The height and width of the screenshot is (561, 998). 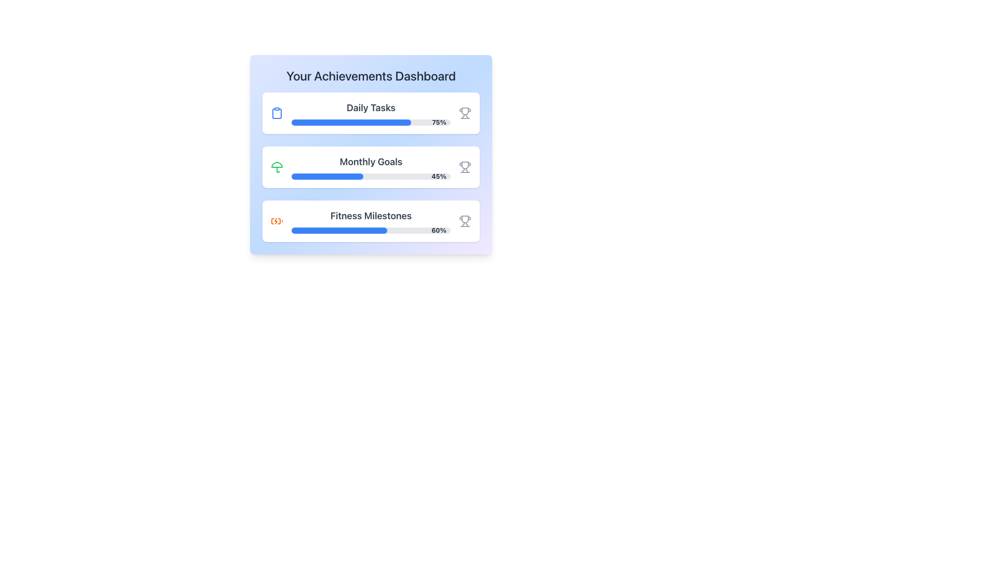 I want to click on the completion percentage of the progress bar indicating 60% completion, located in the 'Fitness Milestones' section of the 'Your Achievements Dashboard' panel, so click(x=371, y=230).